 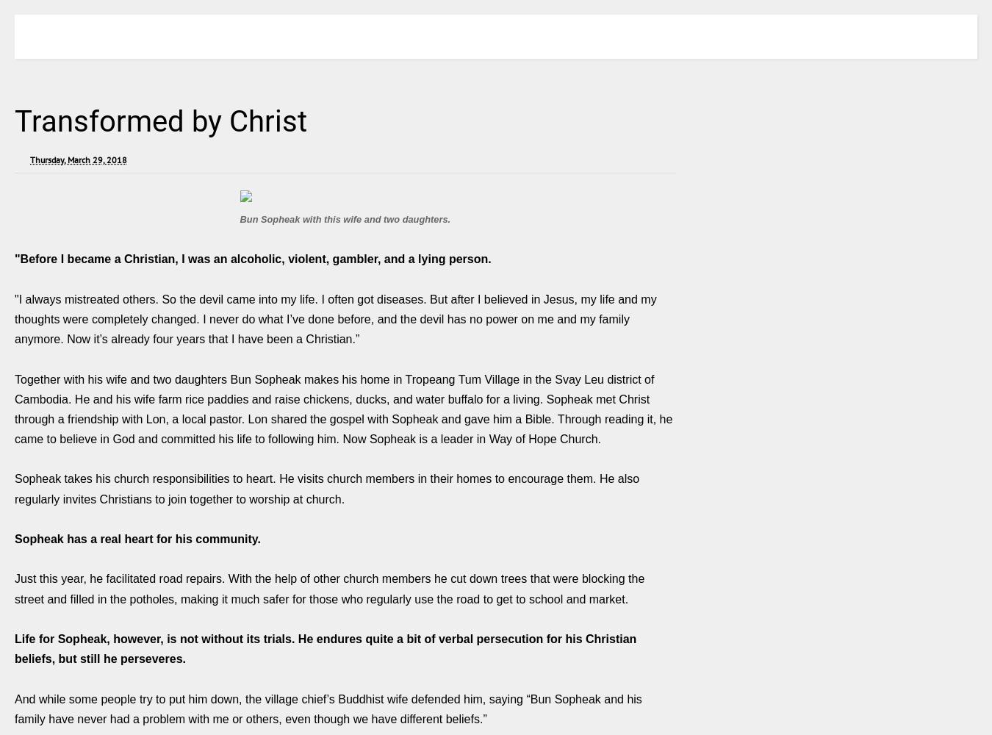 I want to click on 'members he cut down trees that were blocking the street and filled in the potholes, making it much safer for those who regularly use the road to get to school and market.', so click(x=329, y=589).